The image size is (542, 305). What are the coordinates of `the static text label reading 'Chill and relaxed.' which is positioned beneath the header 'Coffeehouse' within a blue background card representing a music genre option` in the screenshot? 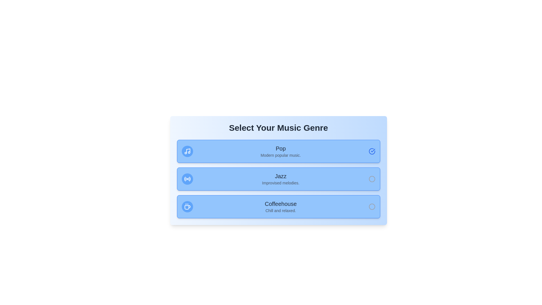 It's located at (281, 210).